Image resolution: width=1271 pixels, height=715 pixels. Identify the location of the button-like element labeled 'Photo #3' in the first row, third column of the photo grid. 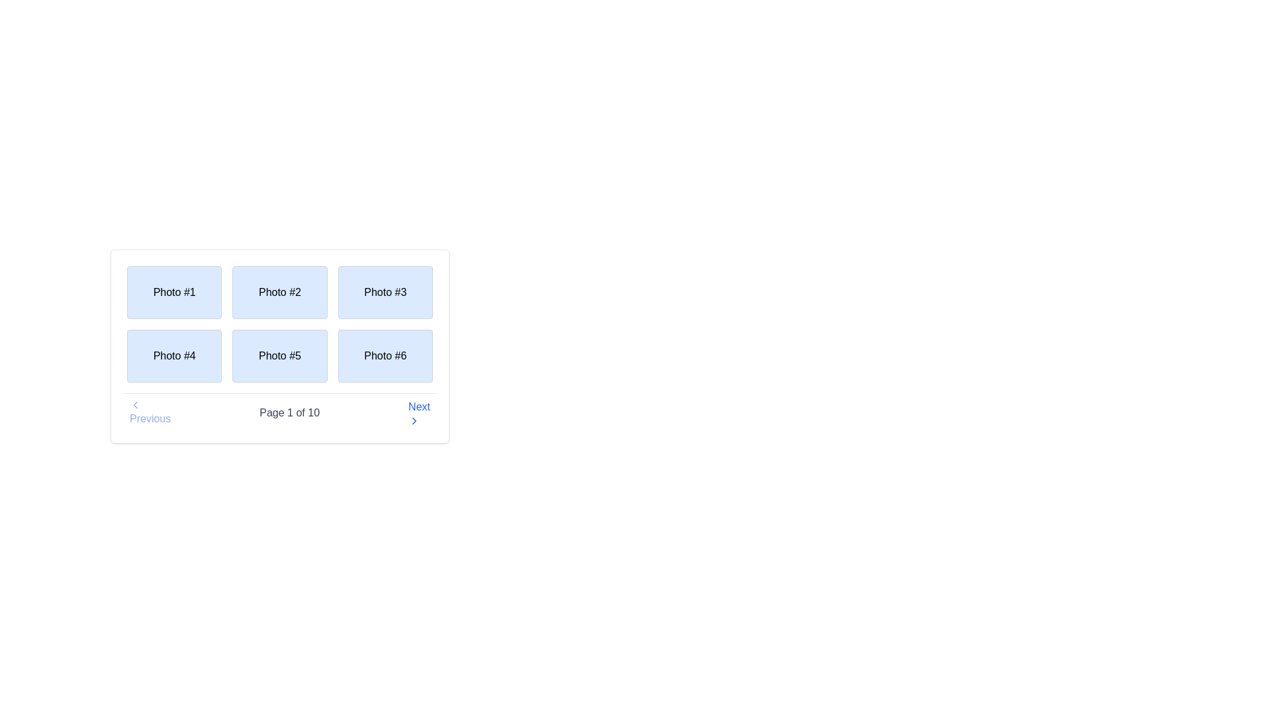
(385, 292).